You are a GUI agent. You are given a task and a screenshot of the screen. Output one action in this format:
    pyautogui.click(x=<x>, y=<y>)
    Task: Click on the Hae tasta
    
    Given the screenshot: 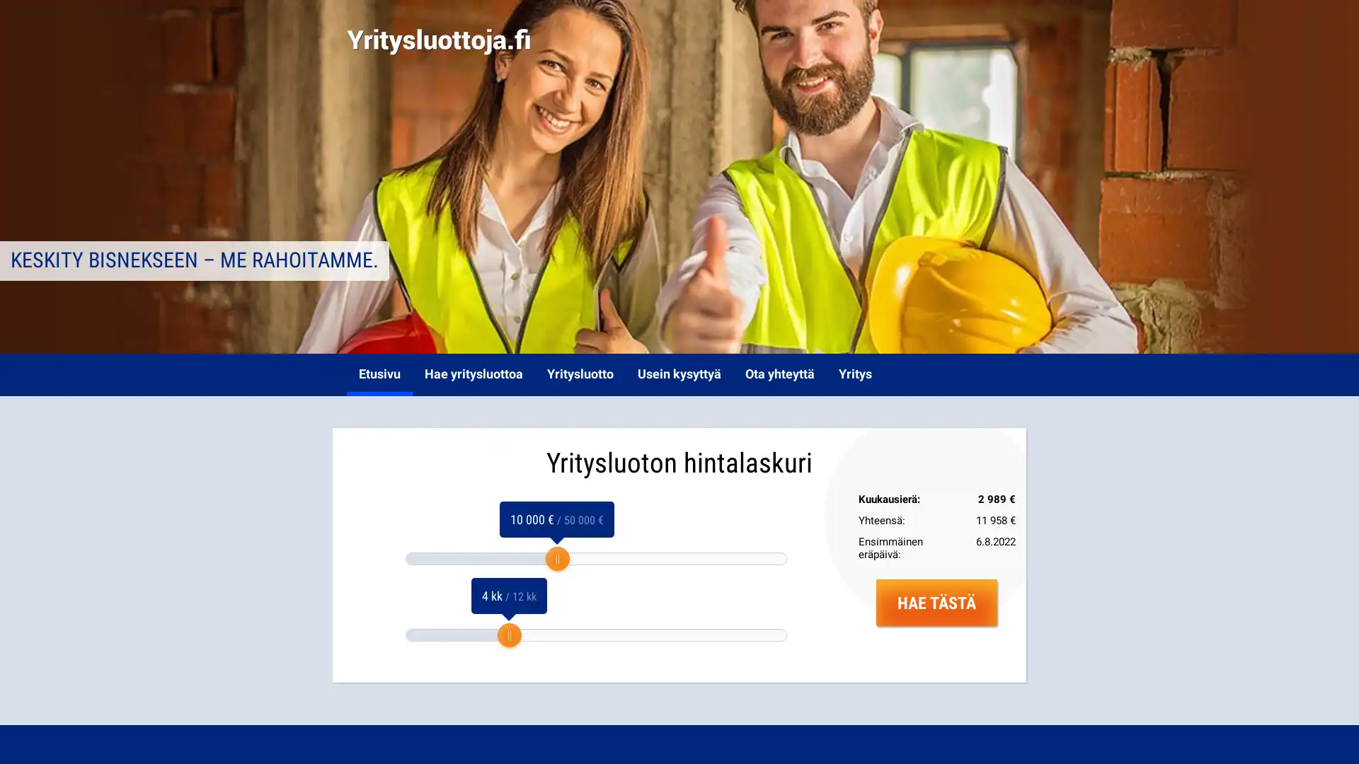 What is the action you would take?
    pyautogui.click(x=936, y=602)
    